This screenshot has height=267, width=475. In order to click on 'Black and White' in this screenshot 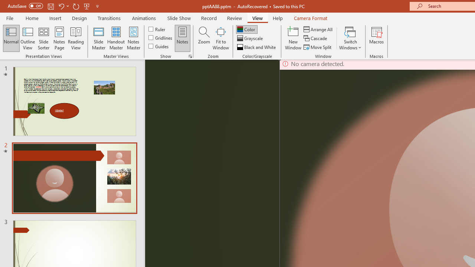, I will do `click(257, 47)`.